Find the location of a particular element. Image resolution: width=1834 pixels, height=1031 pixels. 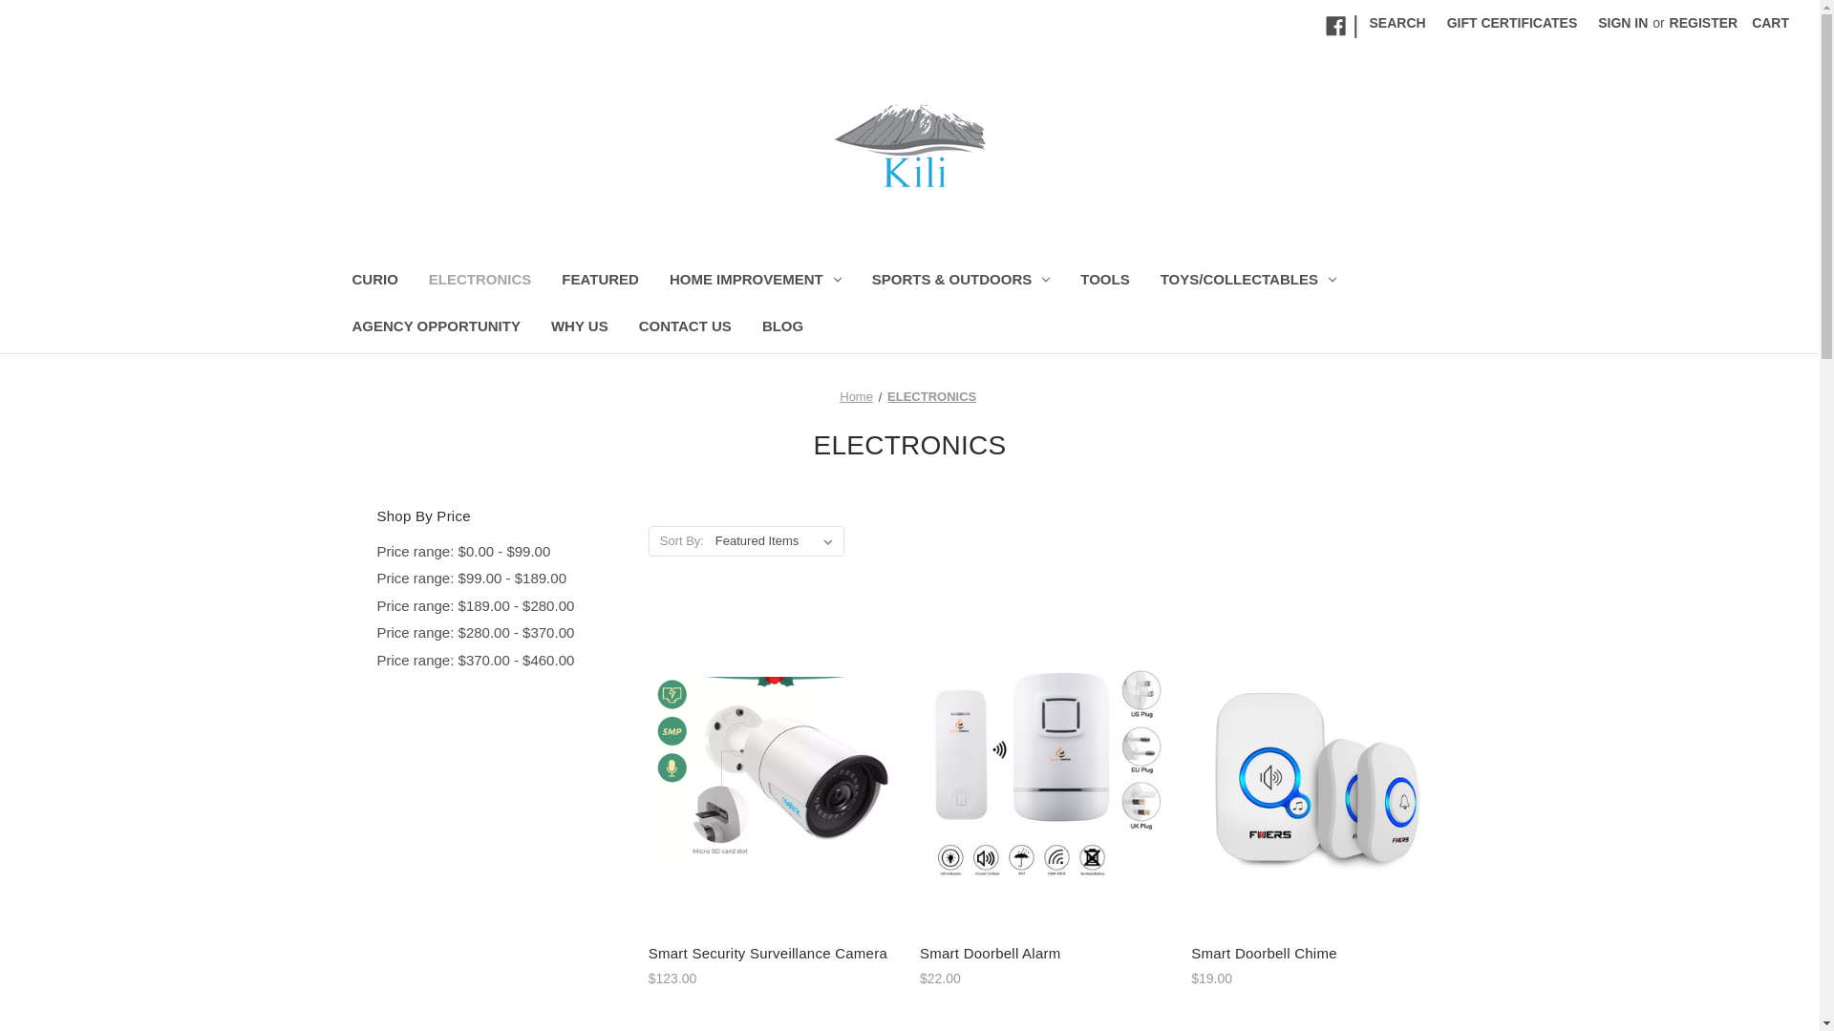

'HOME IMPROVEMENT' is located at coordinates (755, 282).